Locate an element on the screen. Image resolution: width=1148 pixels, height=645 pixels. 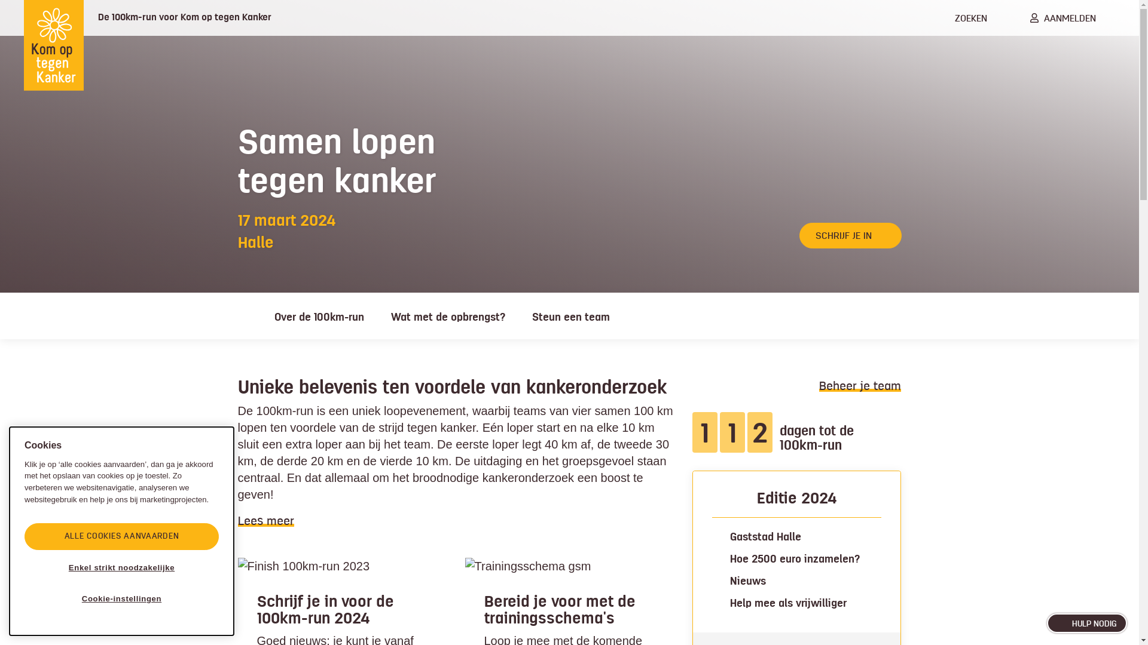
'Nieuws' is located at coordinates (746, 580).